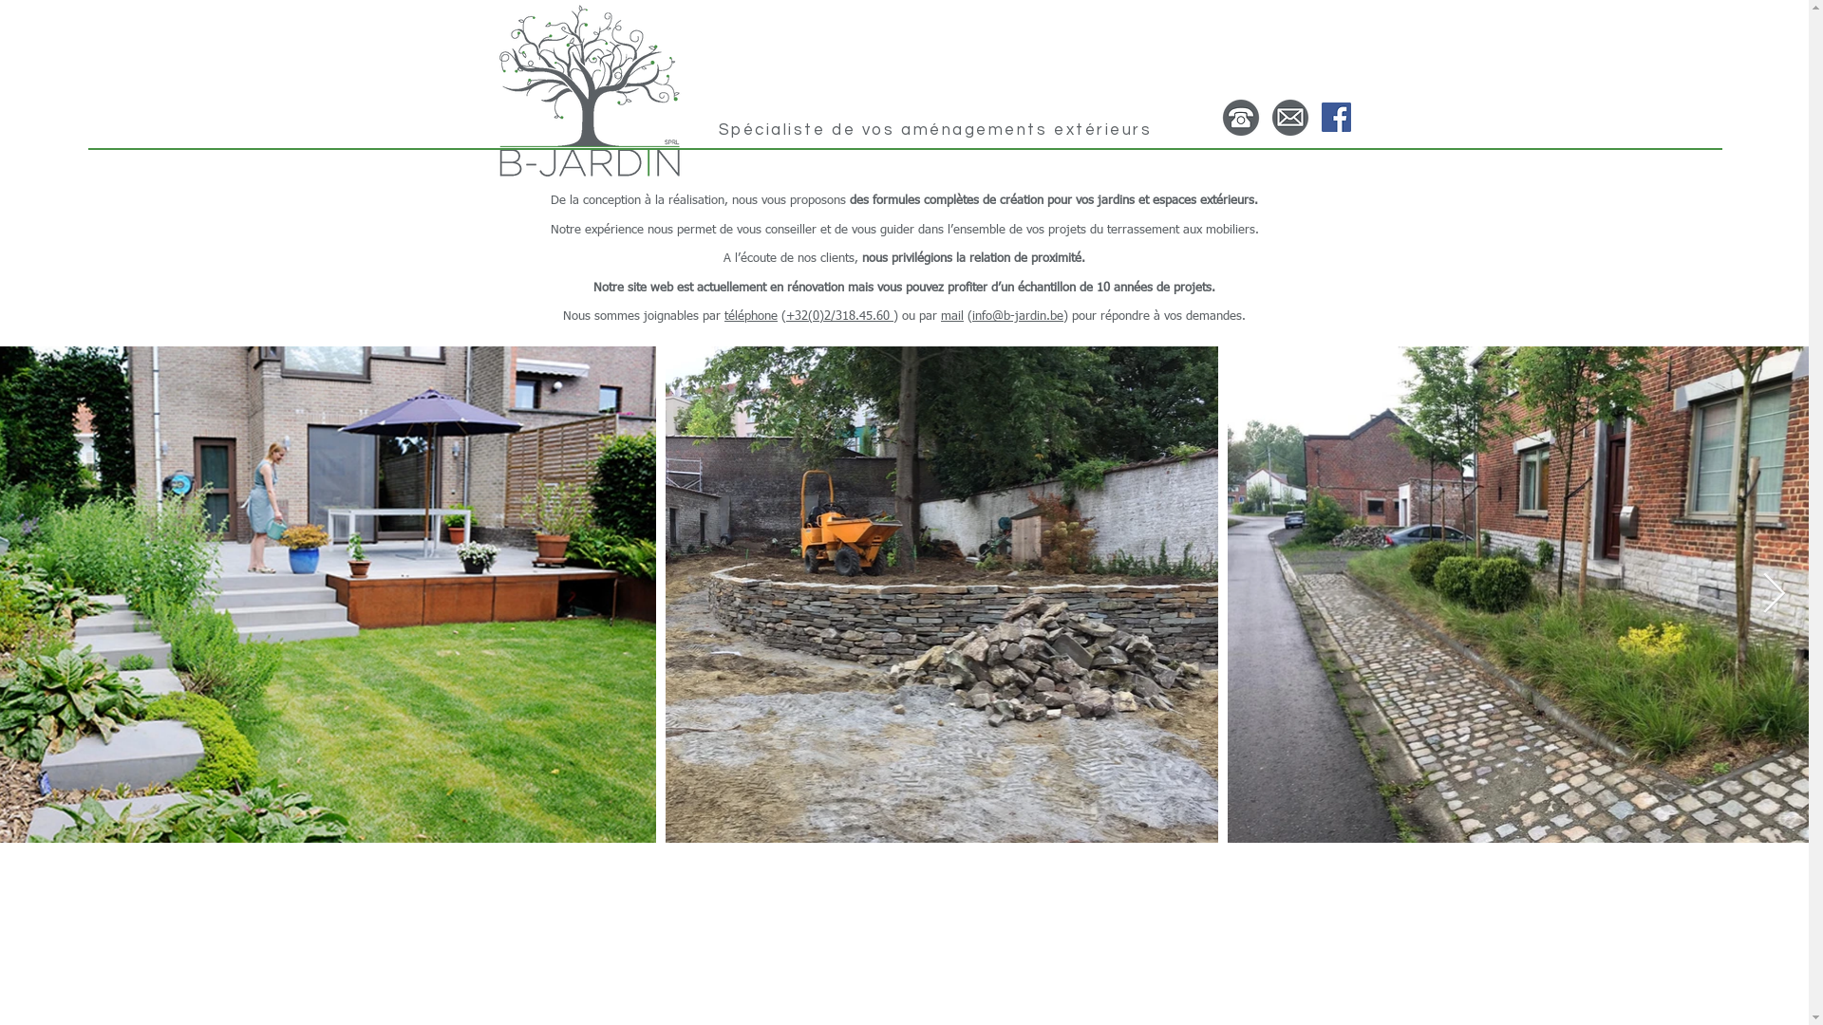 The image size is (1823, 1025). I want to click on 'info@b-jardin.be', so click(1016, 315).